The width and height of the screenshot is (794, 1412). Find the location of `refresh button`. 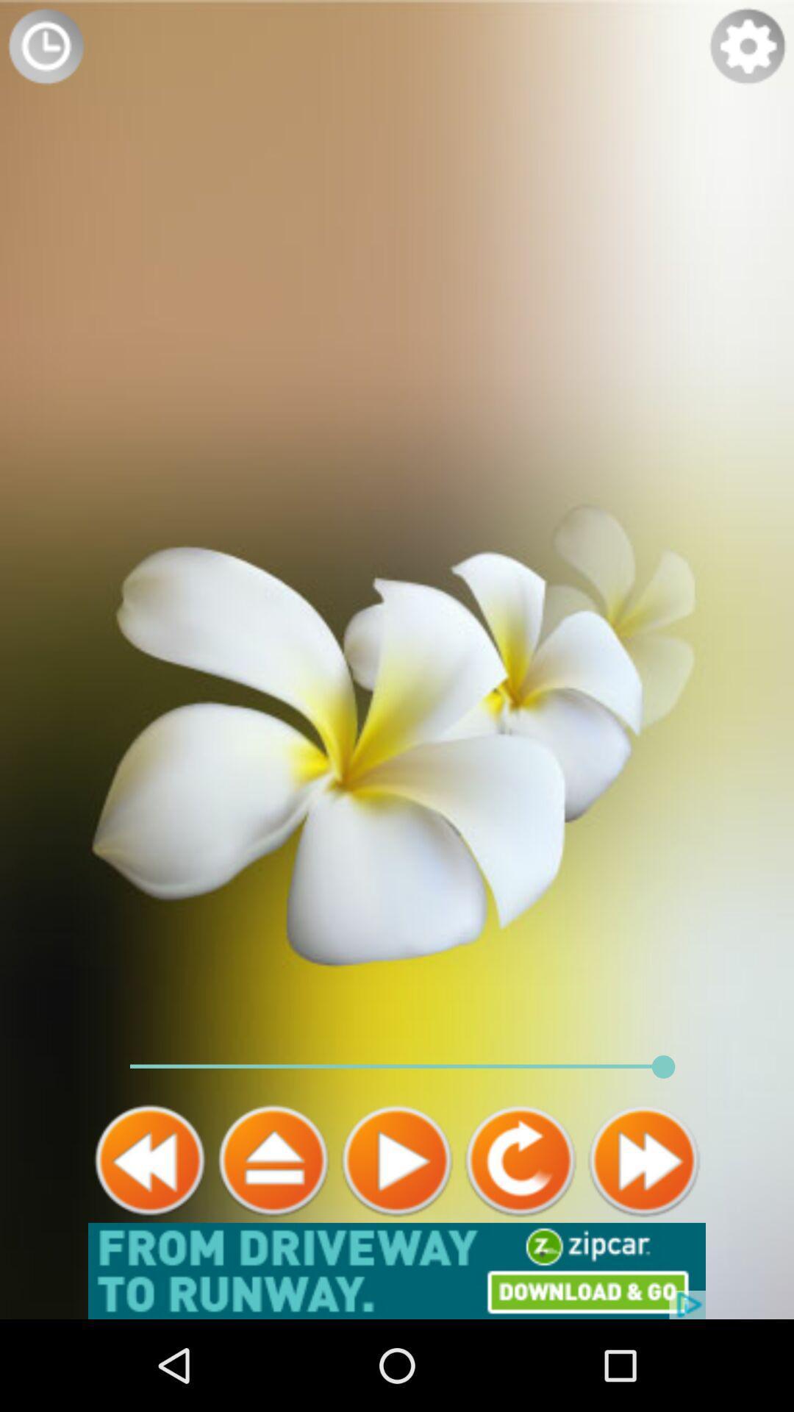

refresh button is located at coordinates (520, 1160).